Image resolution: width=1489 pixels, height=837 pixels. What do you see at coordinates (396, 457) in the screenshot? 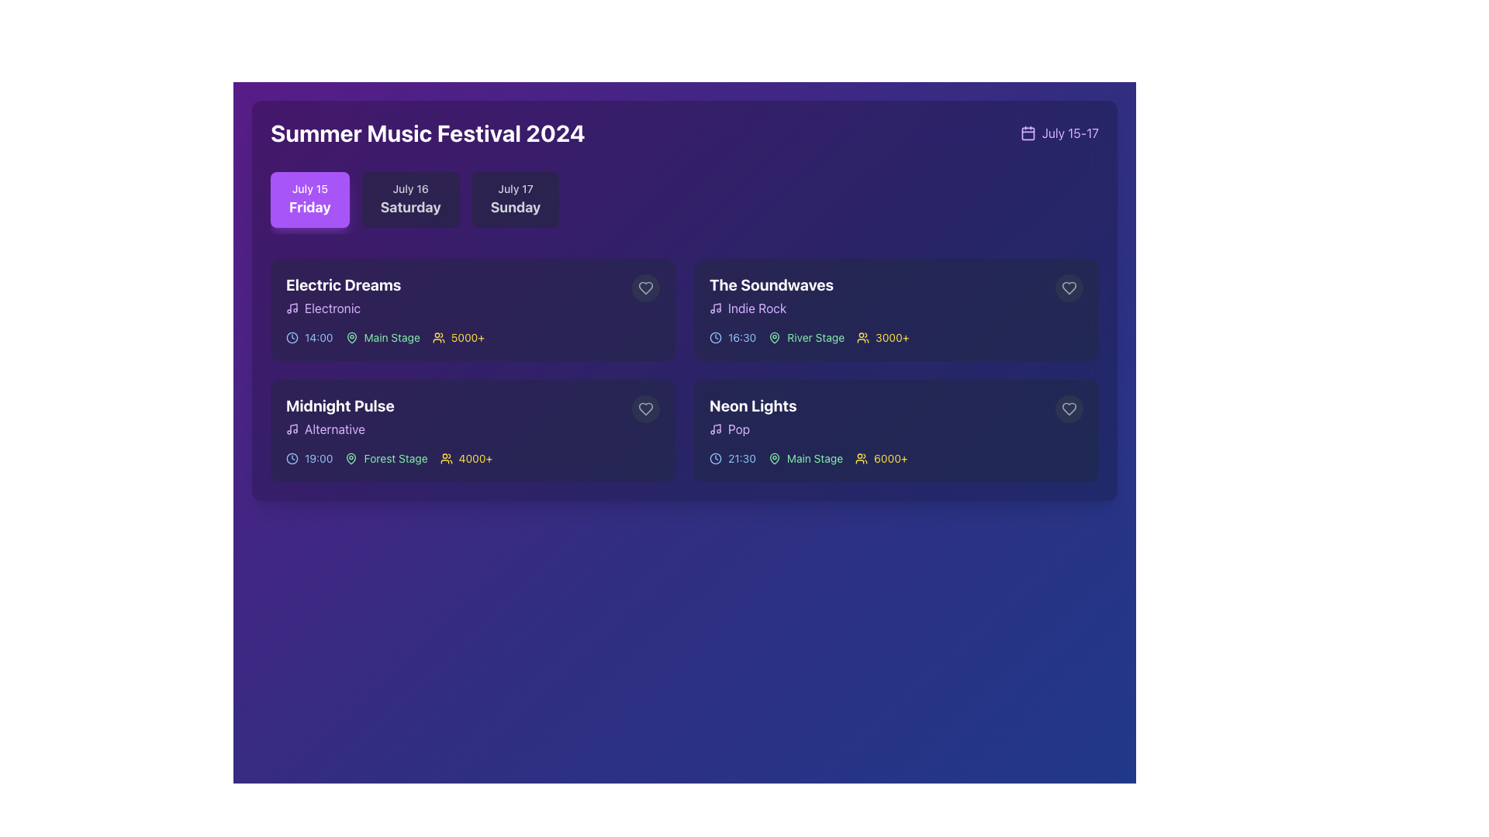
I see `the text label indicating the performance location for the 'Midnight Pulse' event, located in the lower-right part of the event card next to icons for time and attendance` at bounding box center [396, 457].